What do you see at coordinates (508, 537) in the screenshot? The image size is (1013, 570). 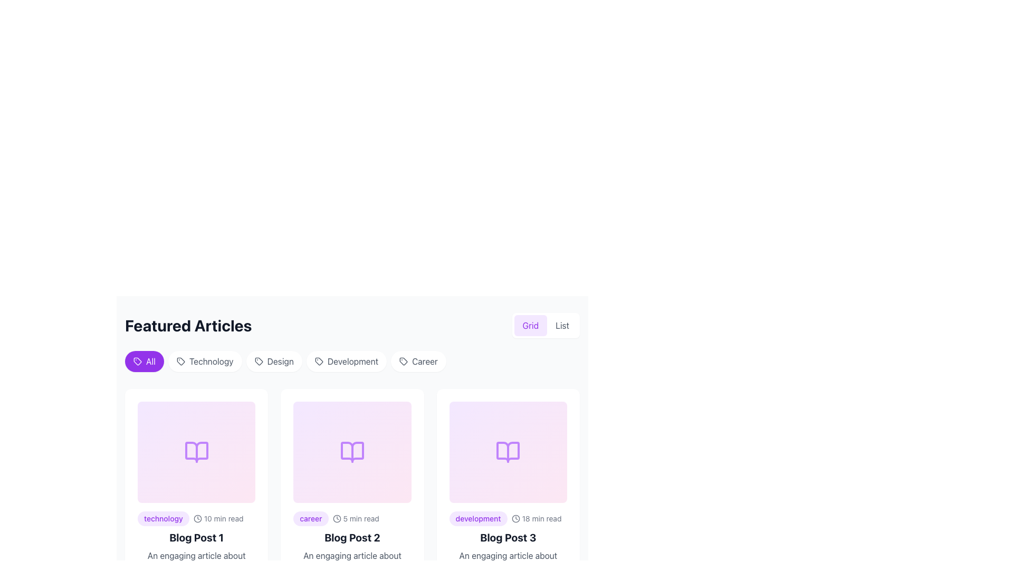 I see `text displayed in the title 'Blog Post 3', which is prominently featured in a bold and large font style in dark gray color within the third content card` at bounding box center [508, 537].